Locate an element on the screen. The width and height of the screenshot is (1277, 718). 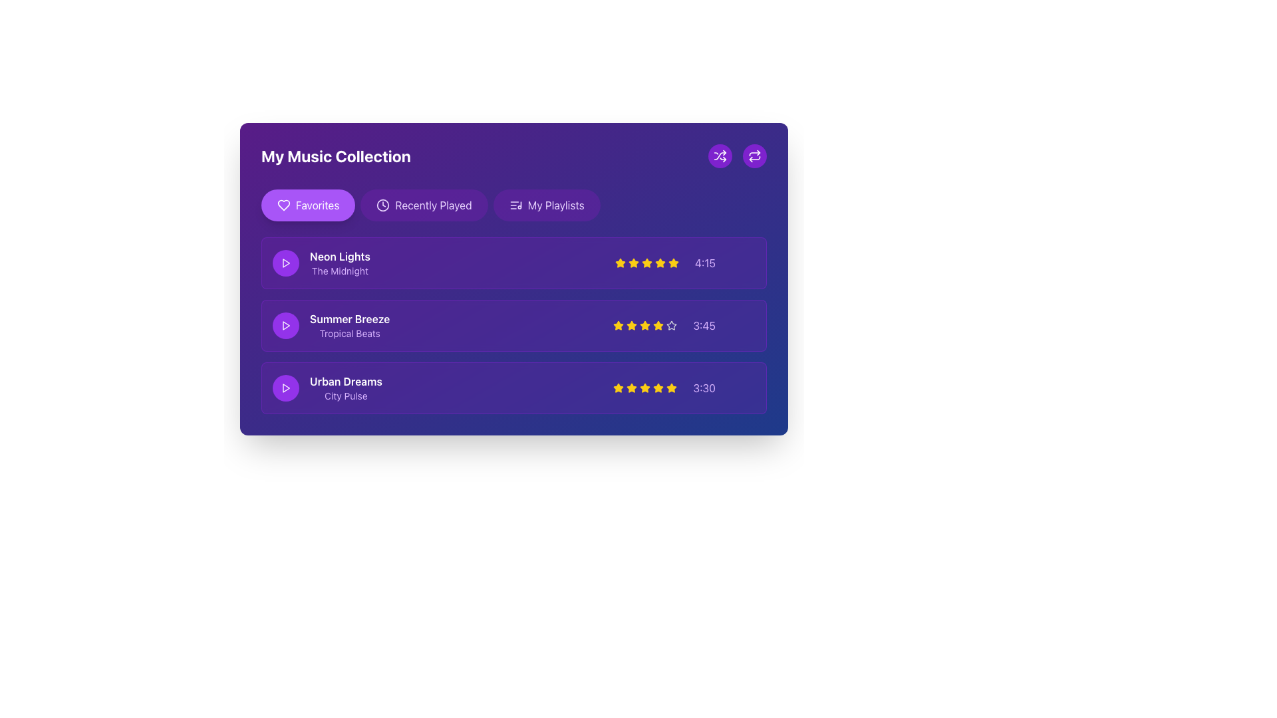
the current state of the third star in the 'Neon Lights' row, which is part of a rating system at the topmost entry of a list is located at coordinates (646, 263).